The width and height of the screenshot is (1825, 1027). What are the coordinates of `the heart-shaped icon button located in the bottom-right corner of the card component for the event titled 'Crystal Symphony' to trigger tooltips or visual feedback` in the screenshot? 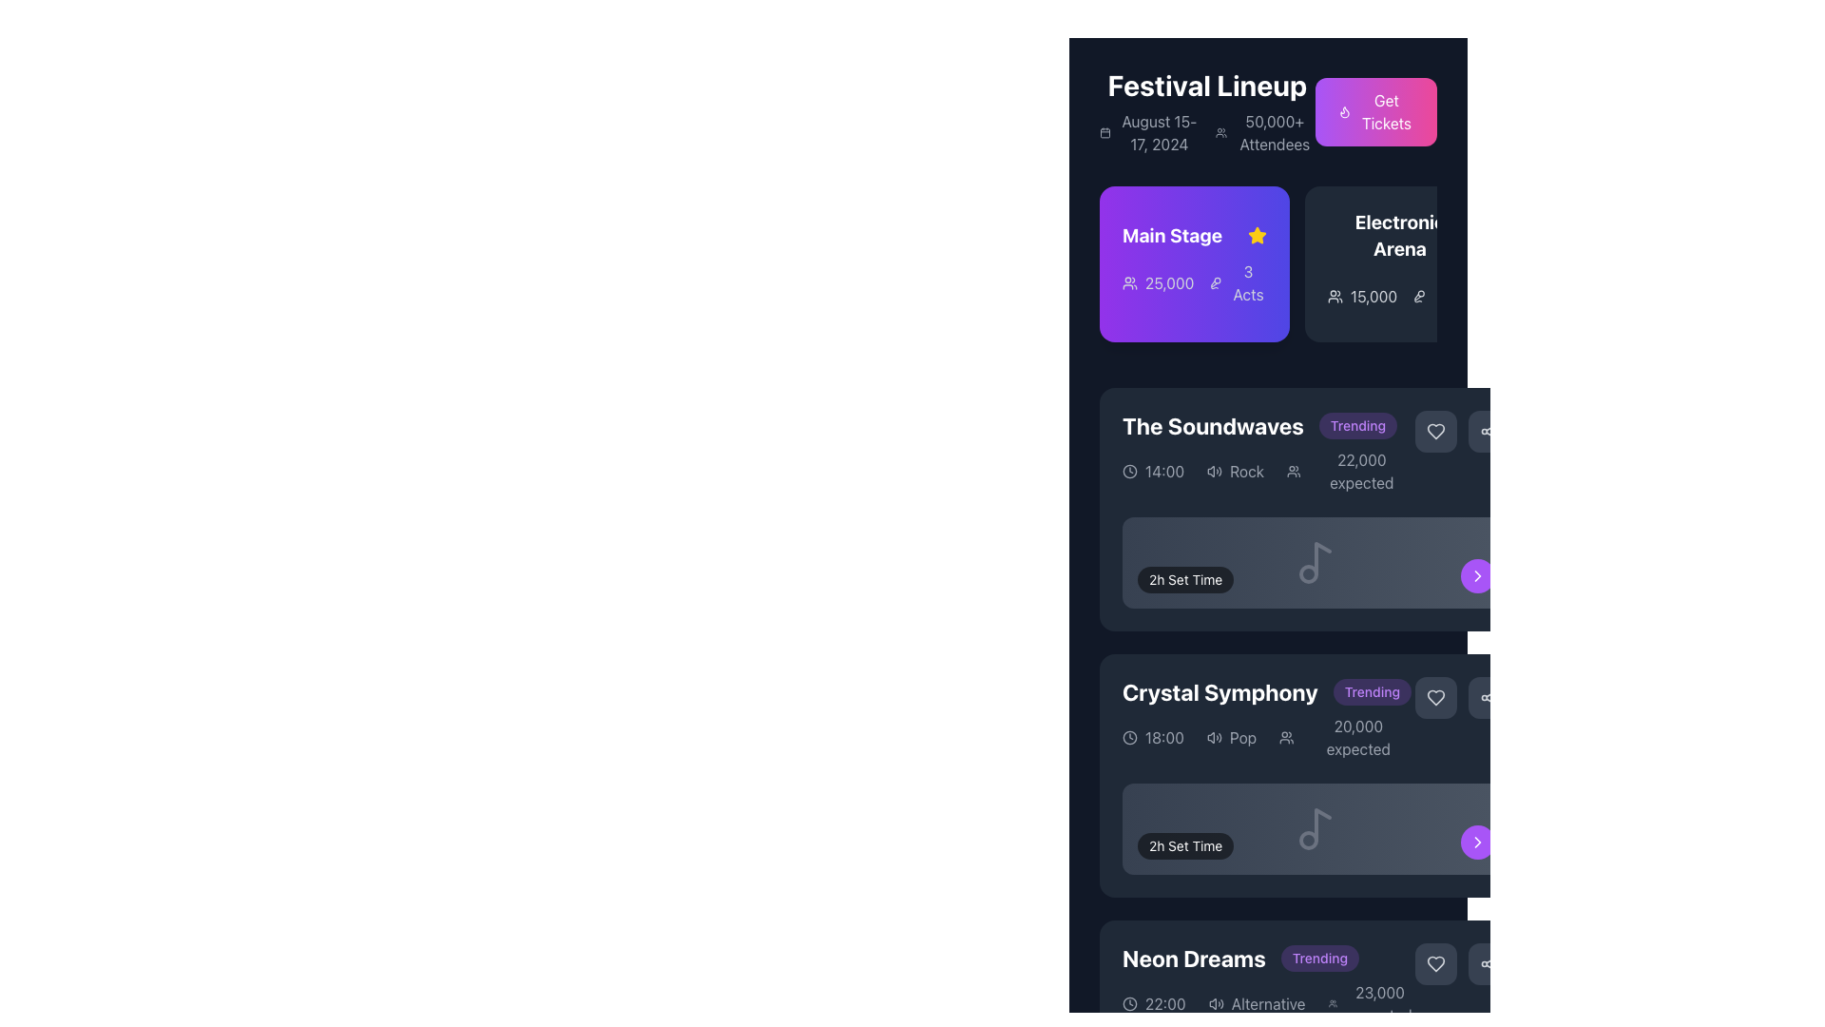 It's located at (1436, 964).